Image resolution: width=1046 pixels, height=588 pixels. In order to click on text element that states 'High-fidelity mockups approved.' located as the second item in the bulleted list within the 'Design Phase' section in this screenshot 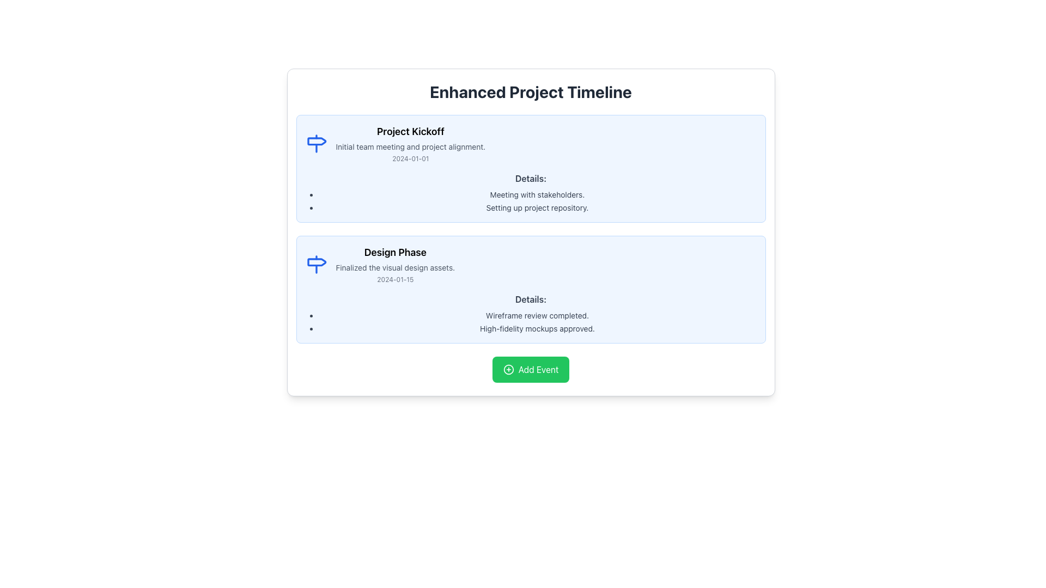, I will do `click(537, 328)`.